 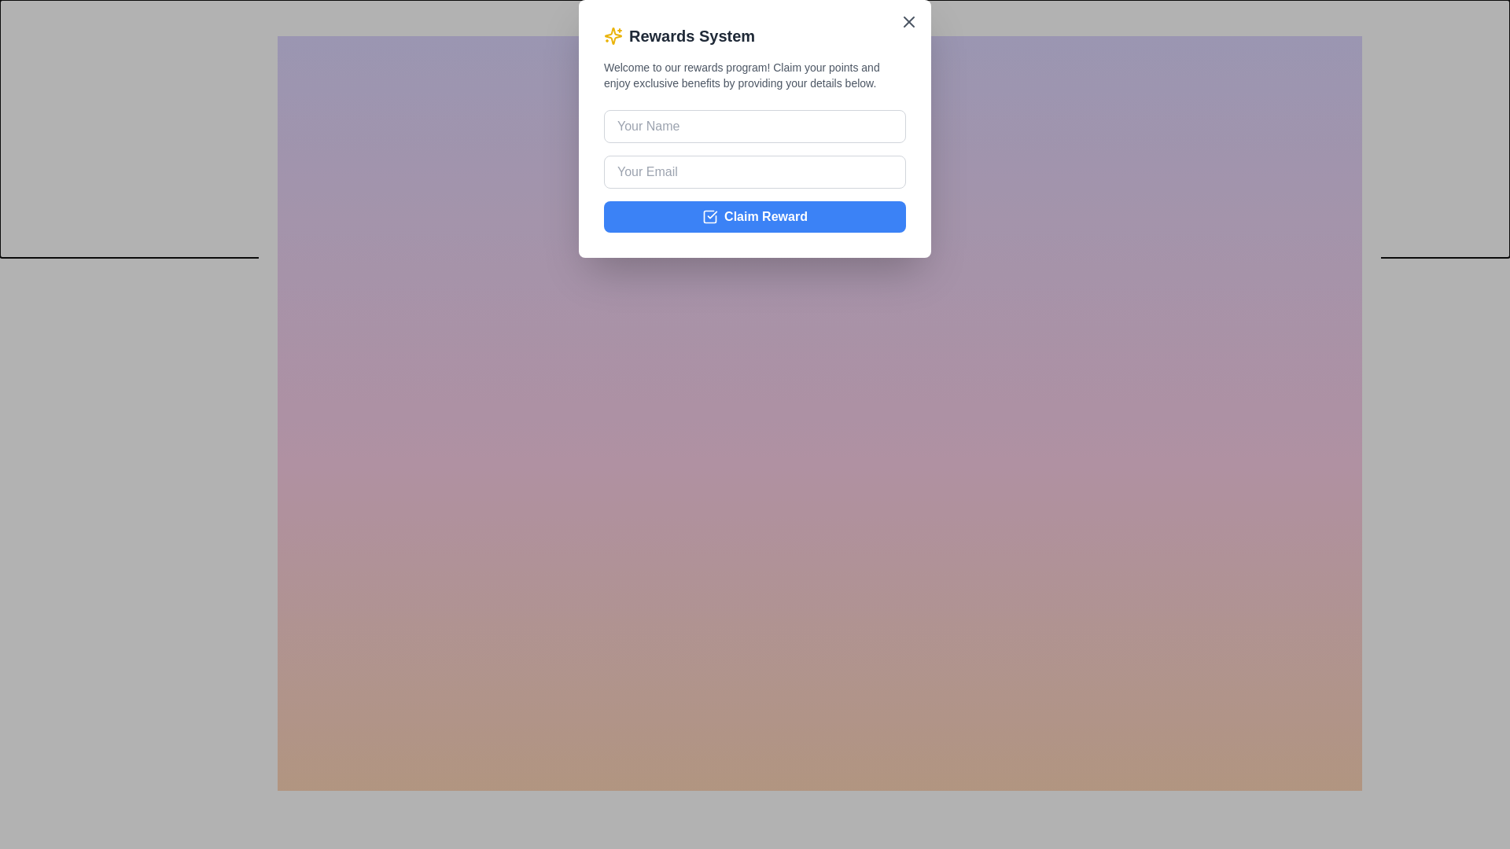 I want to click on the close button located at the top-right corner of the dialog to close it, so click(x=1380, y=17).